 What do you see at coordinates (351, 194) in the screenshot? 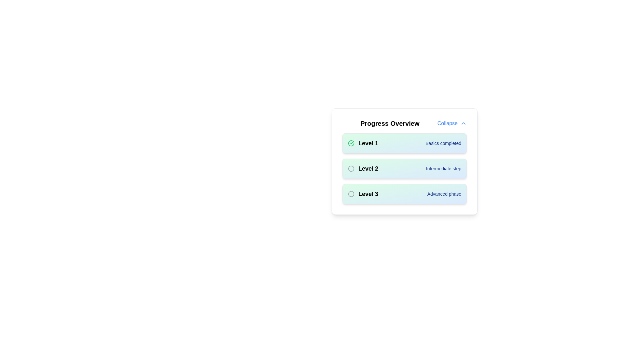
I see `the circular icon outline with a gray stroke located next to the text 'Level 3' in the vertical list` at bounding box center [351, 194].